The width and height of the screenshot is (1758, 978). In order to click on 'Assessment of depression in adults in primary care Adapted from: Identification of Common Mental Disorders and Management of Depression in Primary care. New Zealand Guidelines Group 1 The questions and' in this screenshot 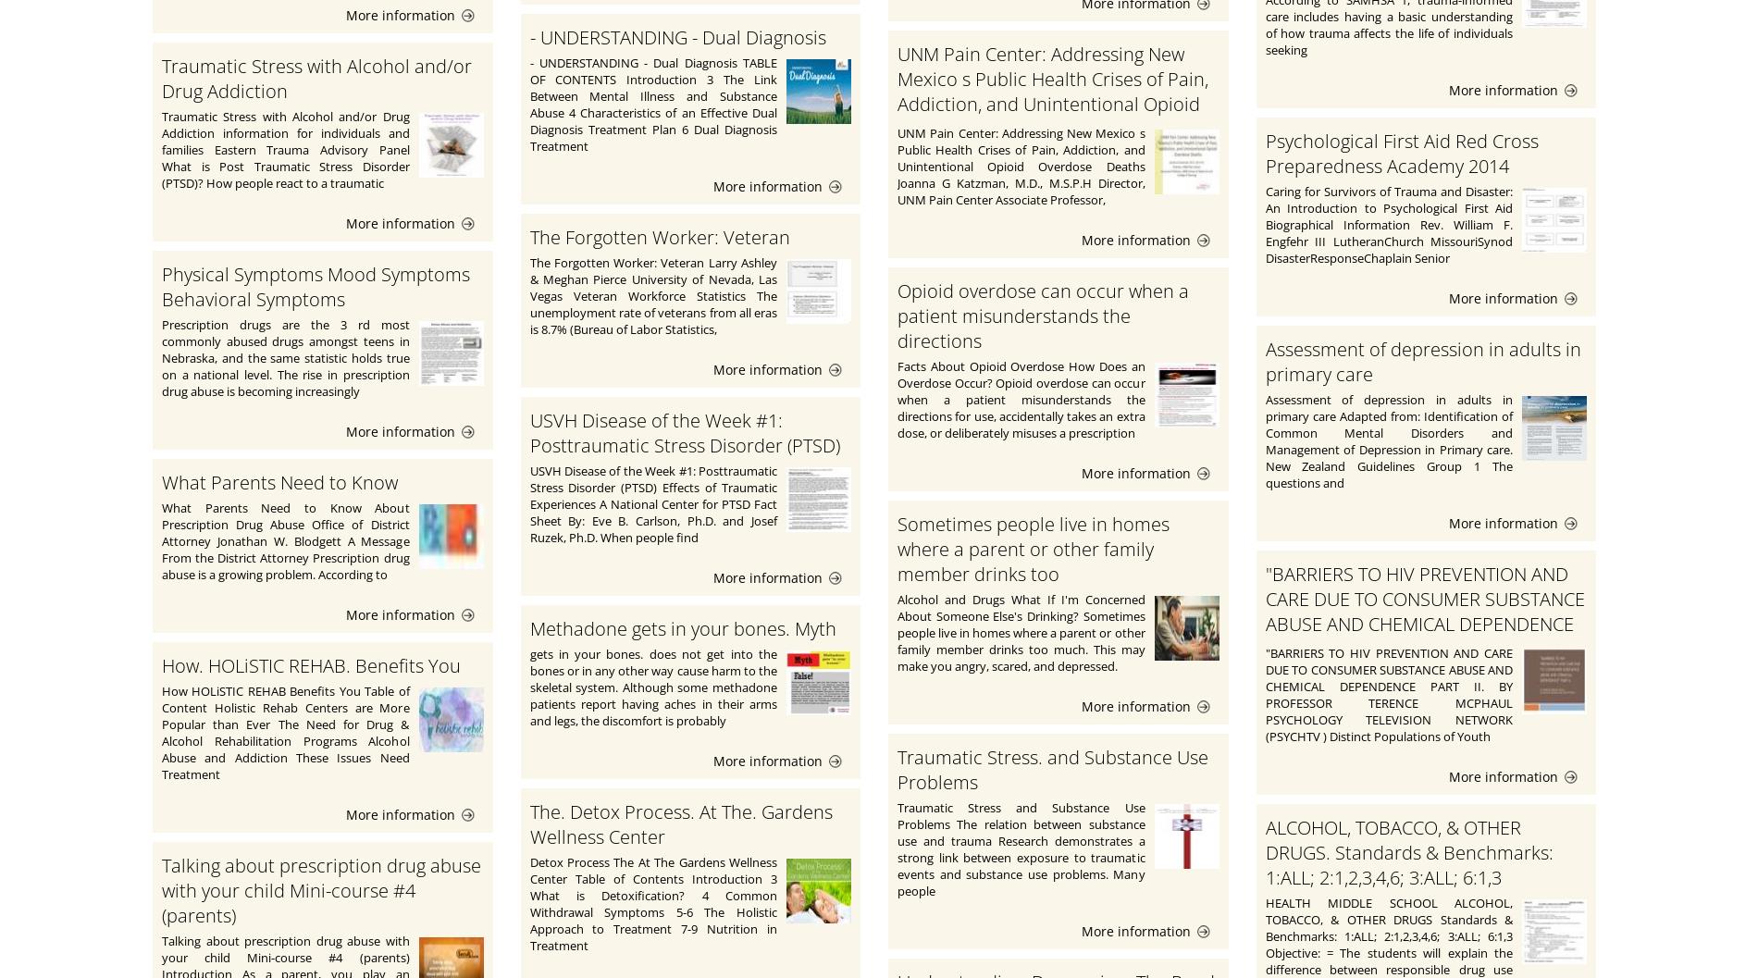, I will do `click(1389, 439)`.